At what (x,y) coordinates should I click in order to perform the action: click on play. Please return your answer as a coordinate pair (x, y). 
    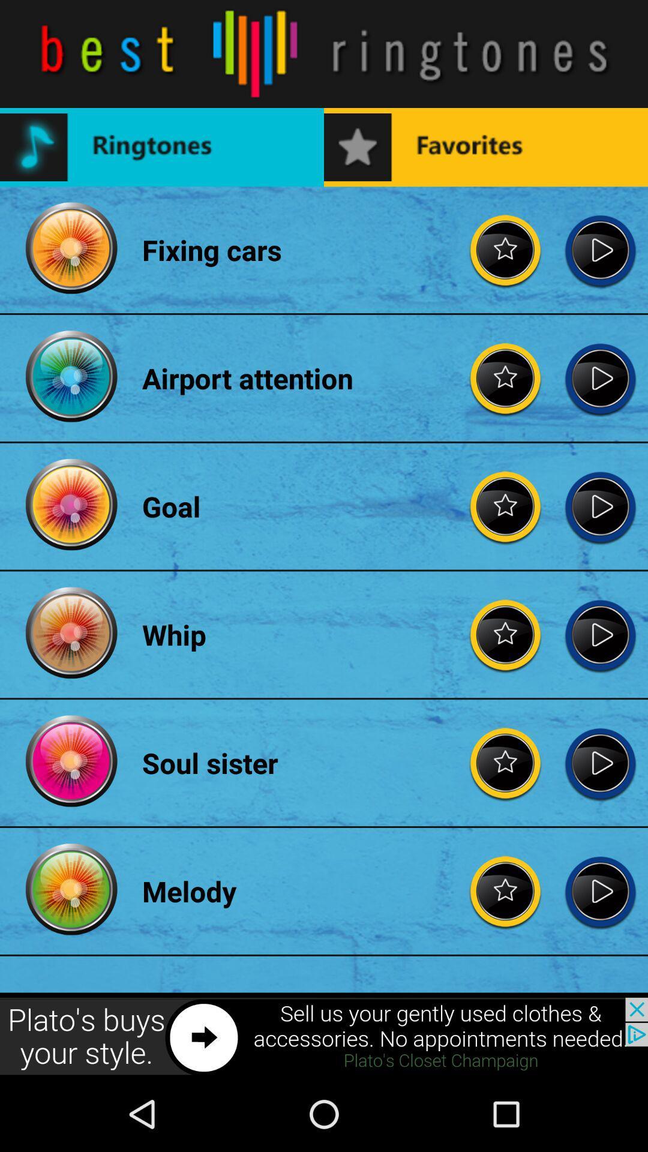
    Looking at the image, I should click on (600, 762).